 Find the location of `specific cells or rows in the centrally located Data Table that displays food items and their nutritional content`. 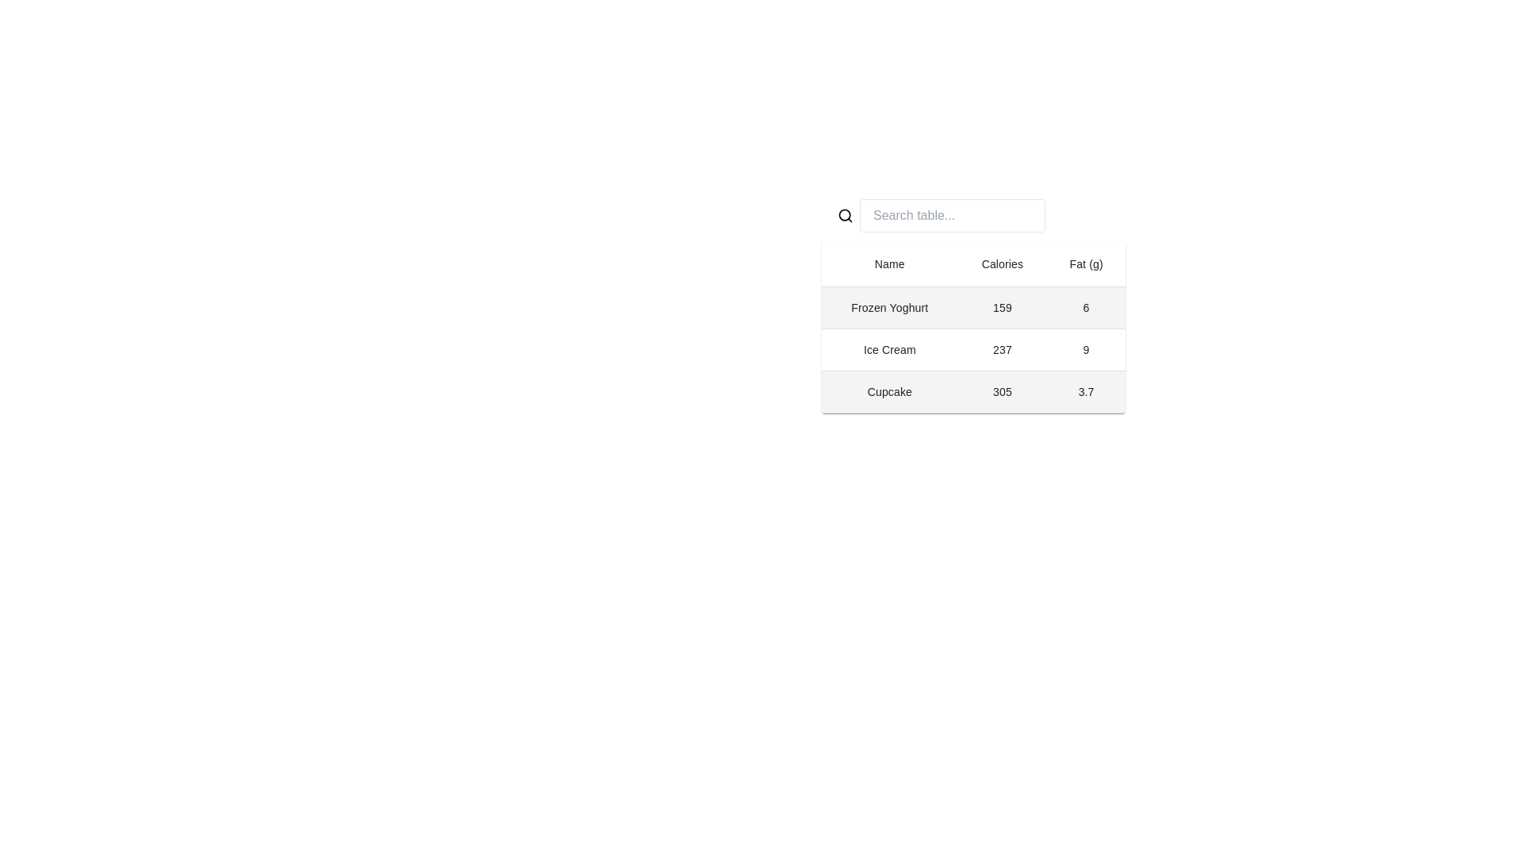

specific cells or rows in the centrally located Data Table that displays food items and their nutritional content is located at coordinates (972, 326).